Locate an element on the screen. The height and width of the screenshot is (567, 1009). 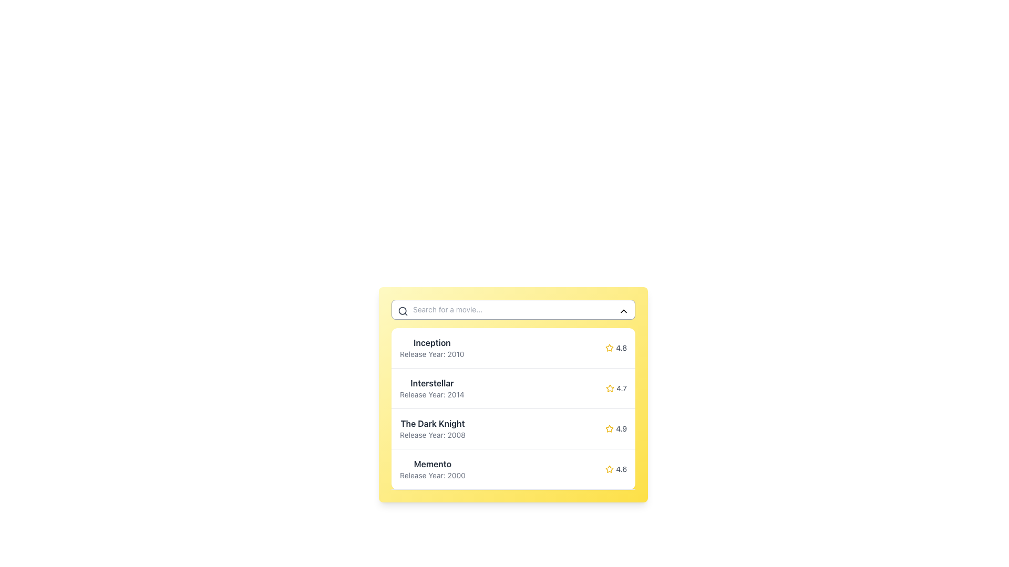
the text label displaying the rating information for the movie 'The Dark Knight', which is located to the right of the star icon in the third list entry of the dropdown is located at coordinates (621, 429).